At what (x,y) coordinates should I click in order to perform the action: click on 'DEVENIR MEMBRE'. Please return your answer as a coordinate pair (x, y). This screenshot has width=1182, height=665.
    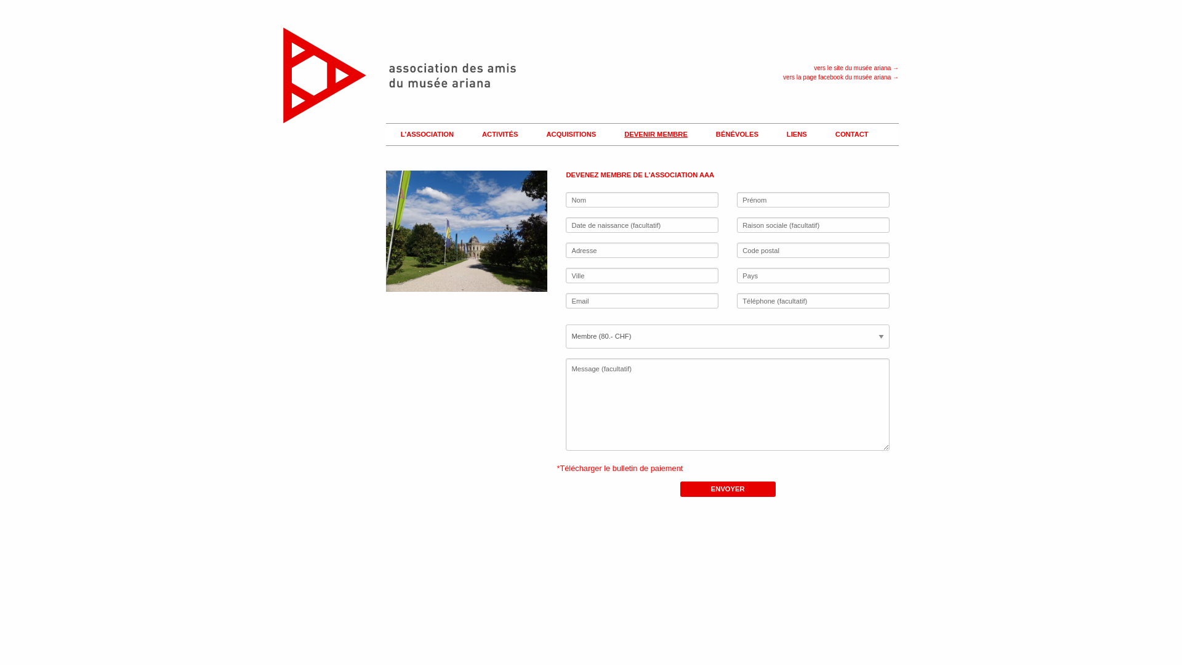
    Looking at the image, I should click on (614, 135).